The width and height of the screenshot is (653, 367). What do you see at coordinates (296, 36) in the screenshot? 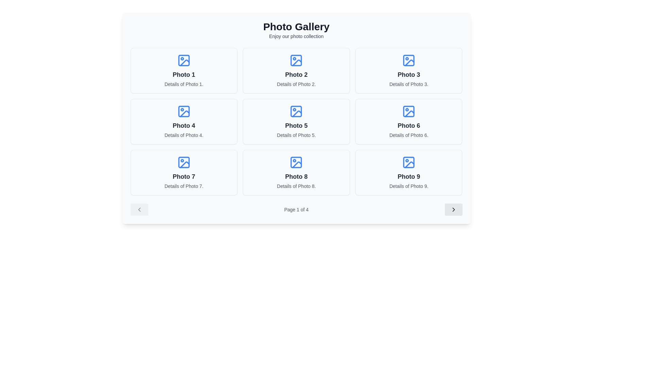
I see `the static text element located beneath the 'Photo Gallery' text, which provides a welcoming statement about the gallery section` at bounding box center [296, 36].